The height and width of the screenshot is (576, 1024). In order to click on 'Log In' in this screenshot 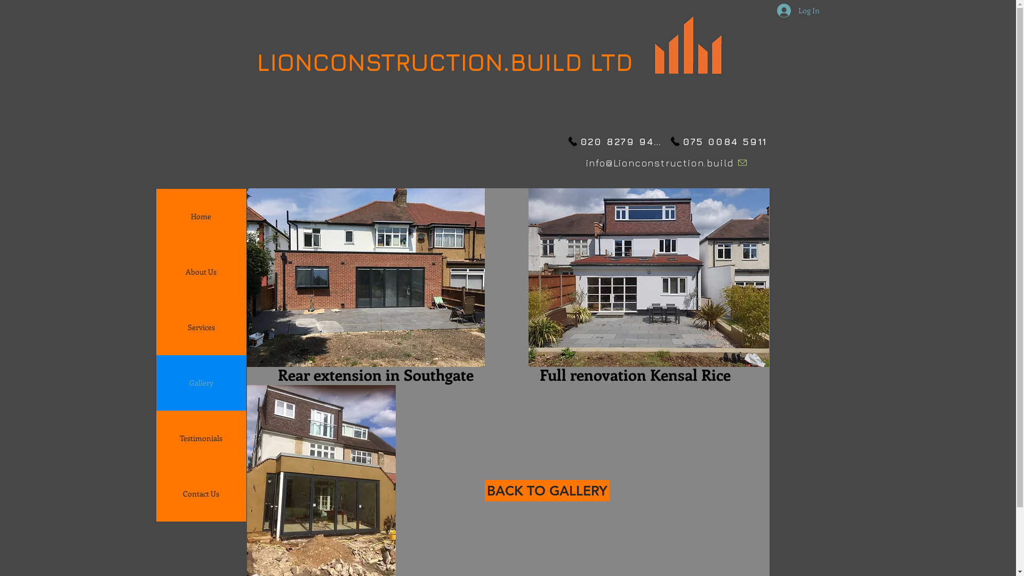, I will do `click(769, 10)`.